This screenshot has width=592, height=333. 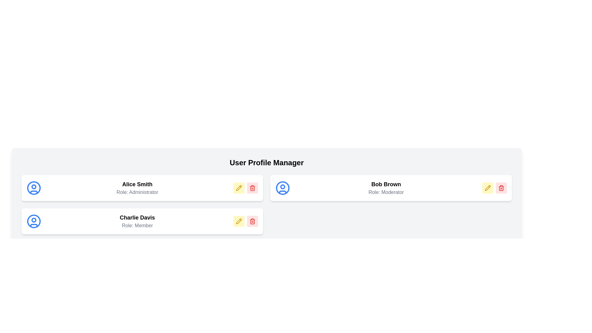 What do you see at coordinates (253, 187) in the screenshot?
I see `the small red button with a trash can icon located in the rightmost part of the button group within the user profile card to initiate a deletion` at bounding box center [253, 187].